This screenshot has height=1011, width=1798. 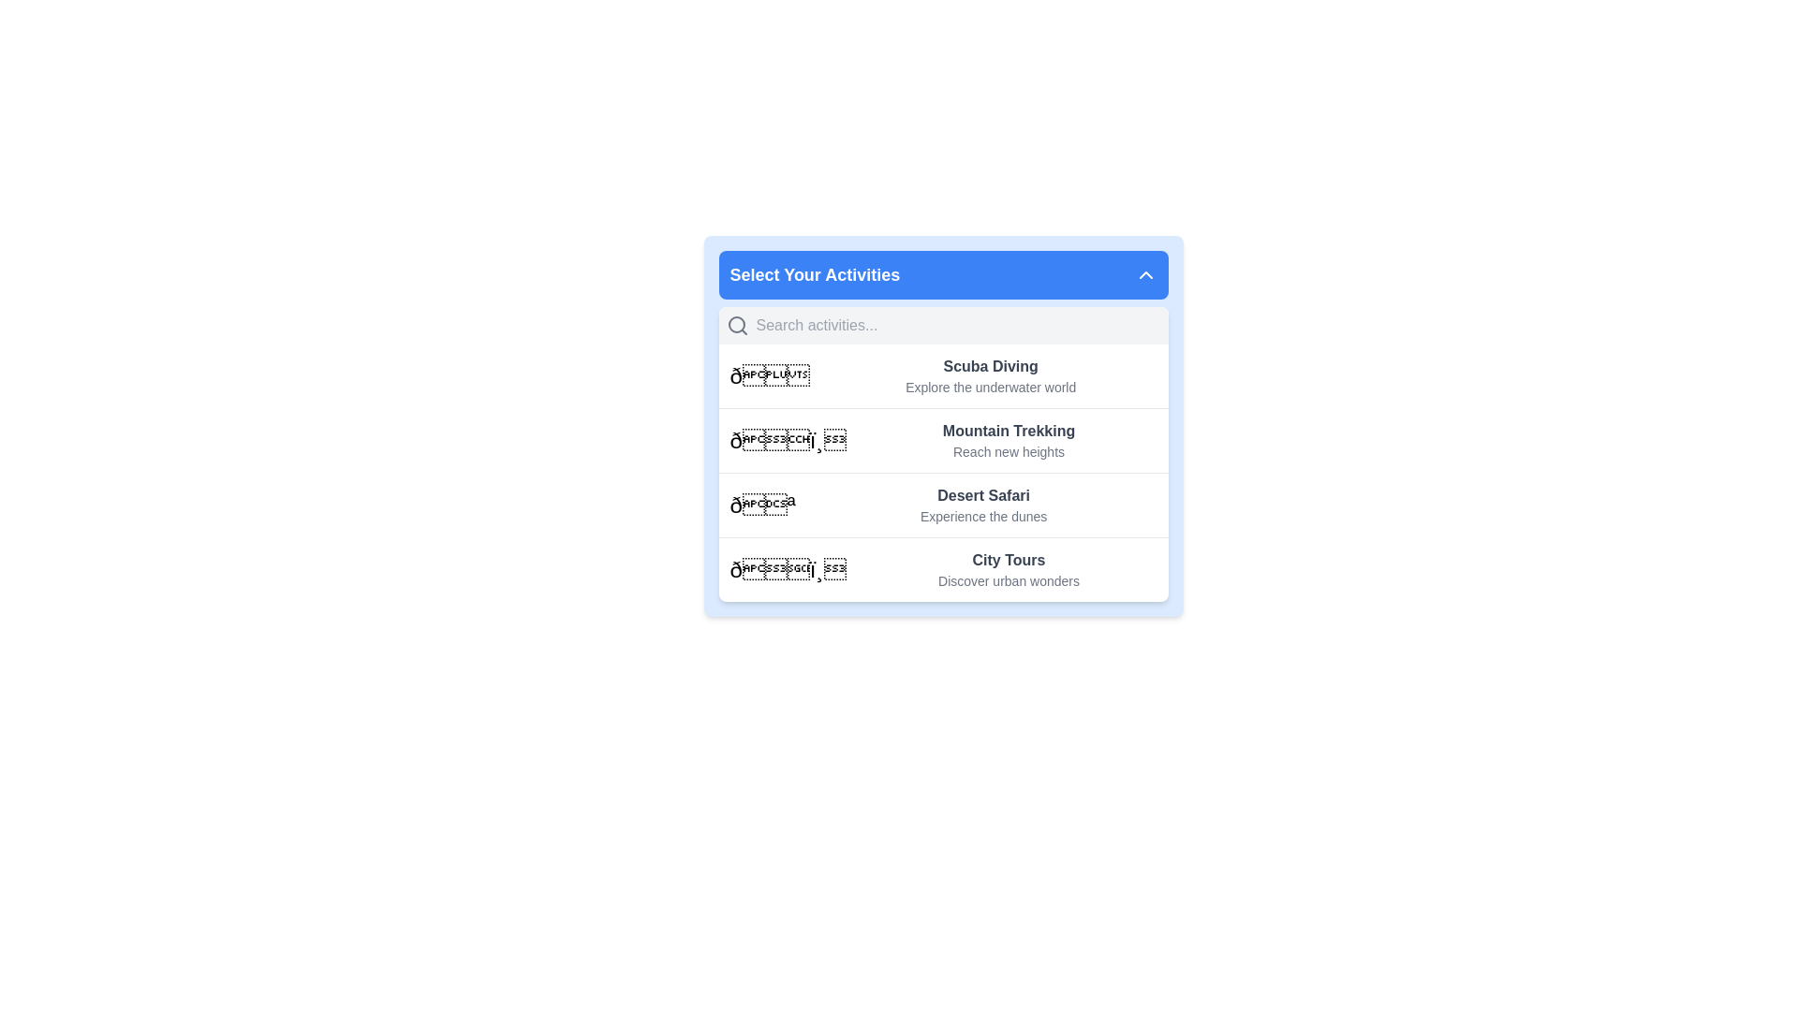 What do you see at coordinates (943, 375) in the screenshot?
I see `the selectable menu item titled 'Scuba Diving'` at bounding box center [943, 375].